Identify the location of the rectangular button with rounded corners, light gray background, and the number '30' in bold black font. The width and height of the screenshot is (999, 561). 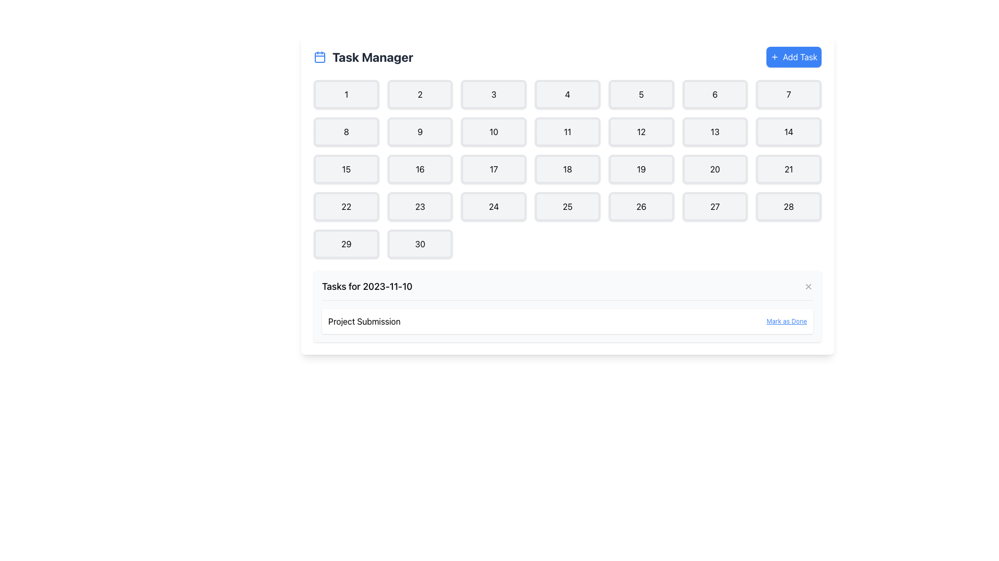
(420, 244).